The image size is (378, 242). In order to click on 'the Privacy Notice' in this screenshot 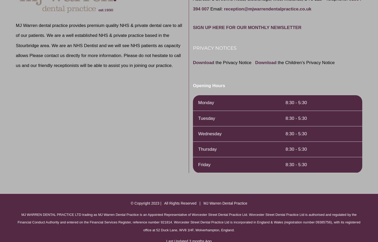, I will do `click(214, 62)`.